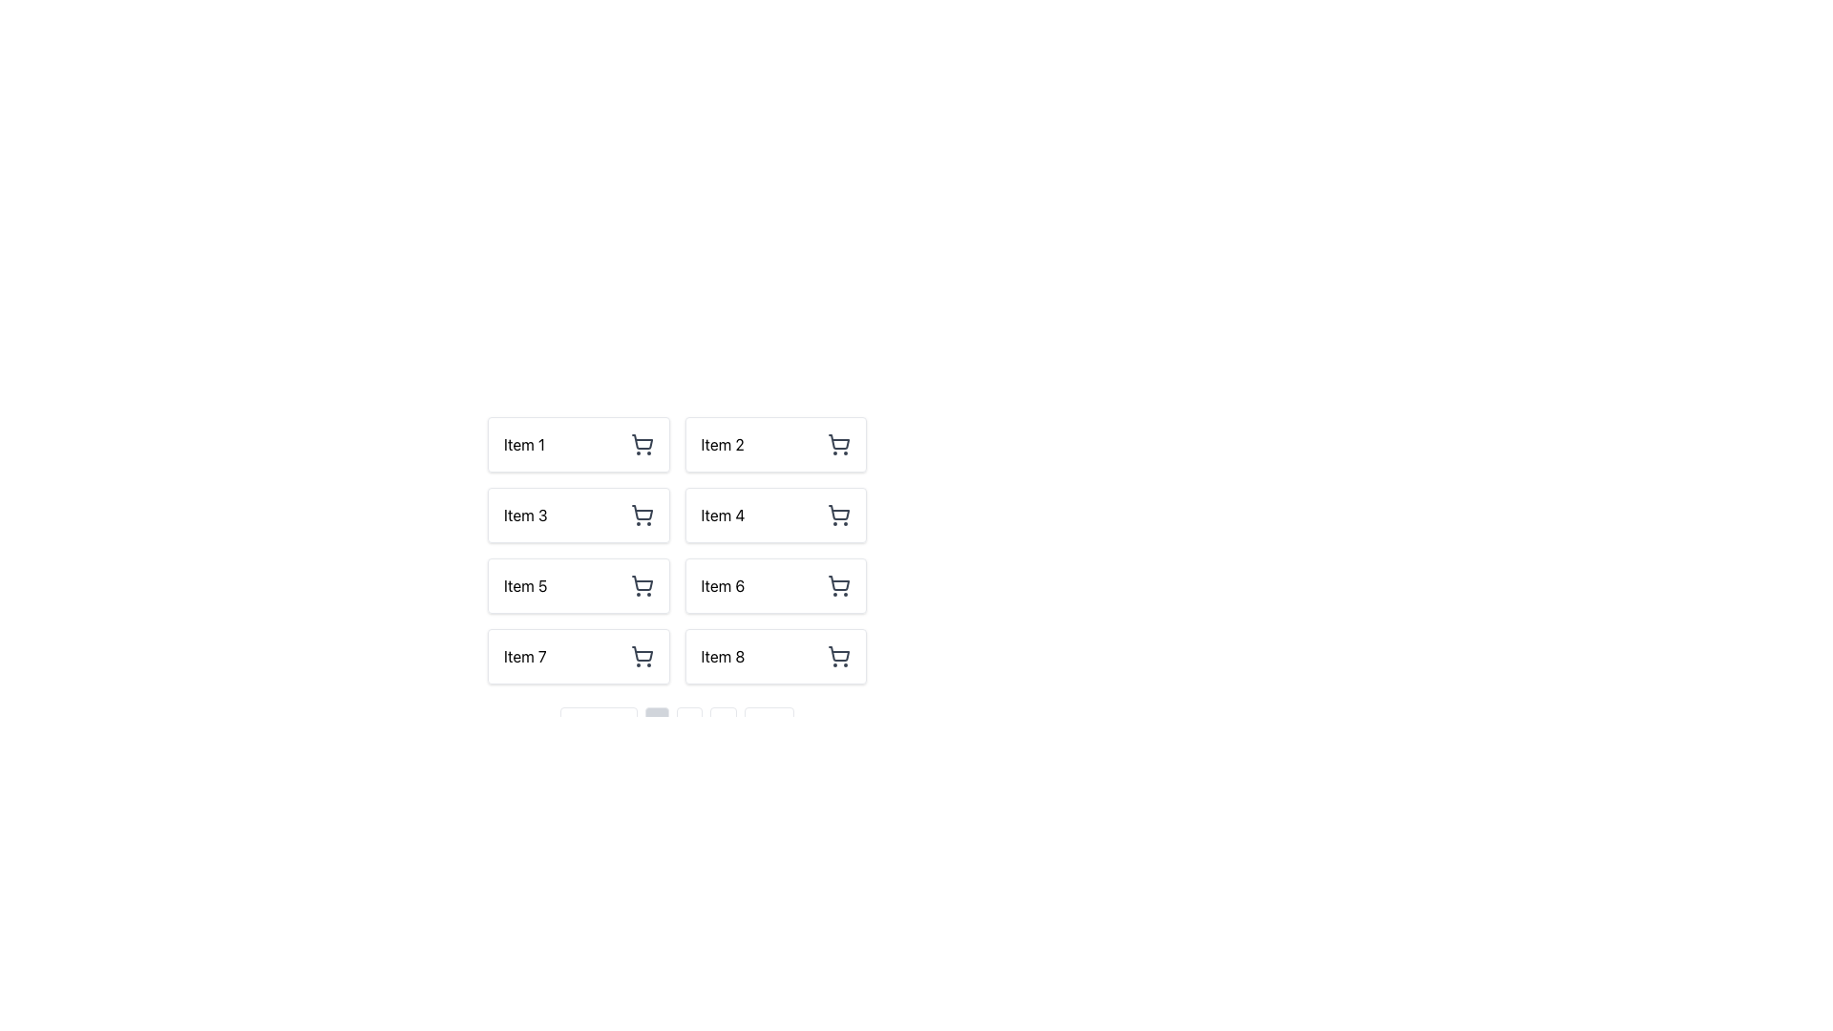 The image size is (1833, 1031). I want to click on text content of the text label displaying 'Item 5' which is aligned to the left in the fifth row of a vertically stacked grid, so click(525, 584).